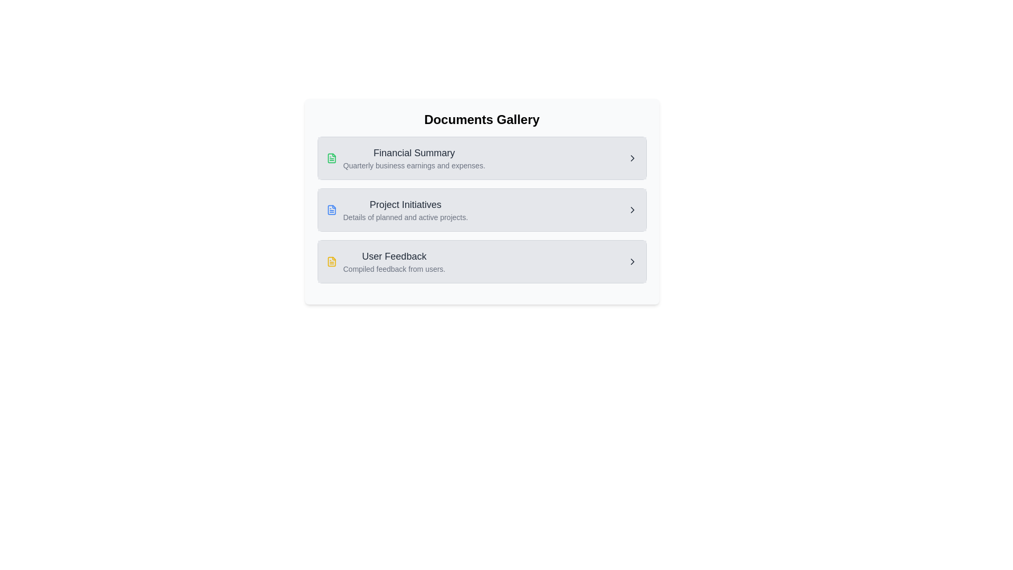 The image size is (1013, 570). Describe the element at coordinates (331, 261) in the screenshot. I see `the icon representing the document titled 'User Feedback' located in the bottommost section of the list, to the left of the text 'User Feedback'` at that location.